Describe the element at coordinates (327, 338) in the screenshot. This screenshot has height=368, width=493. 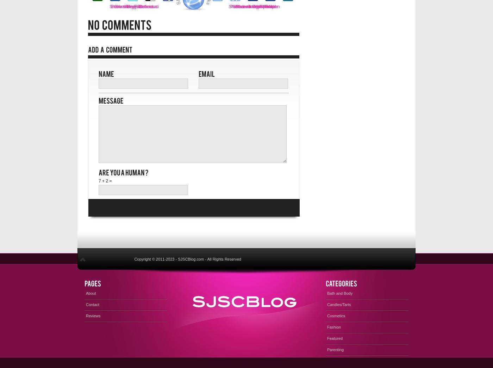
I see `'Featured'` at that location.